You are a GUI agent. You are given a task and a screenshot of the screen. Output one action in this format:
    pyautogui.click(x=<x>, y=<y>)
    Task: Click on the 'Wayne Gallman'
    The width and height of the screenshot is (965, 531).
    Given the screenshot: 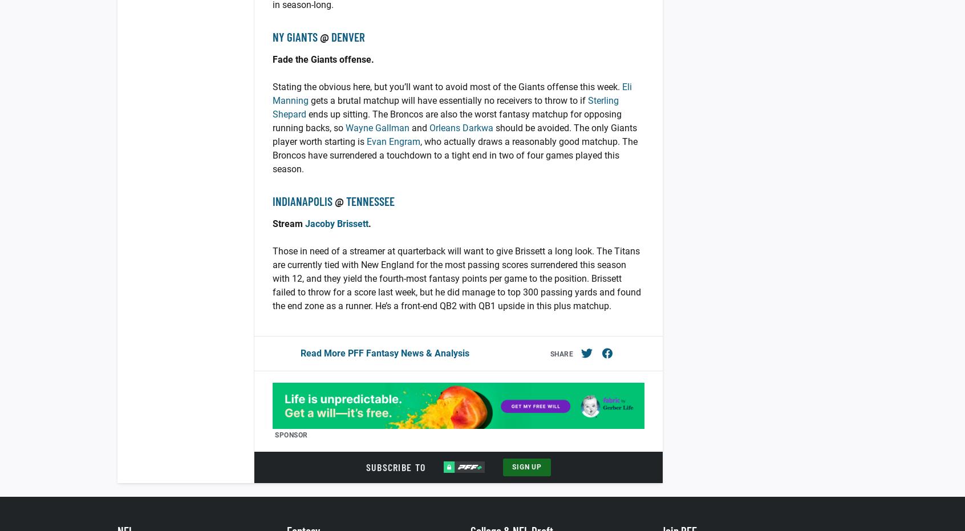 What is the action you would take?
    pyautogui.click(x=378, y=128)
    